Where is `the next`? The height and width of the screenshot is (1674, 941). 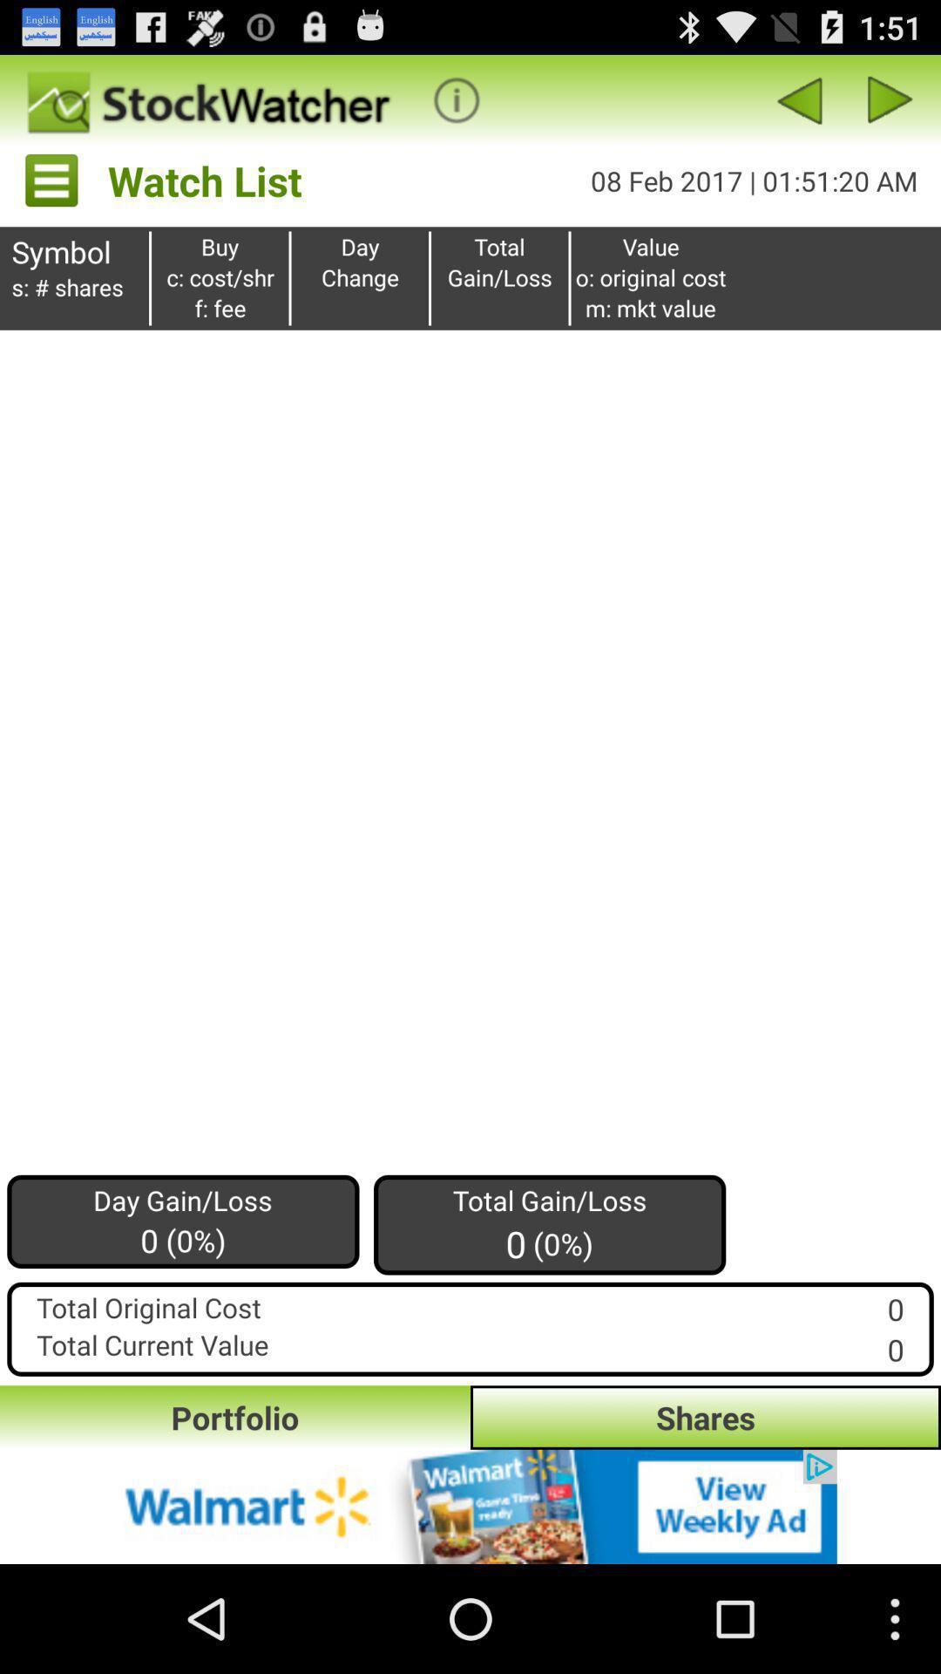 the next is located at coordinates (890, 99).